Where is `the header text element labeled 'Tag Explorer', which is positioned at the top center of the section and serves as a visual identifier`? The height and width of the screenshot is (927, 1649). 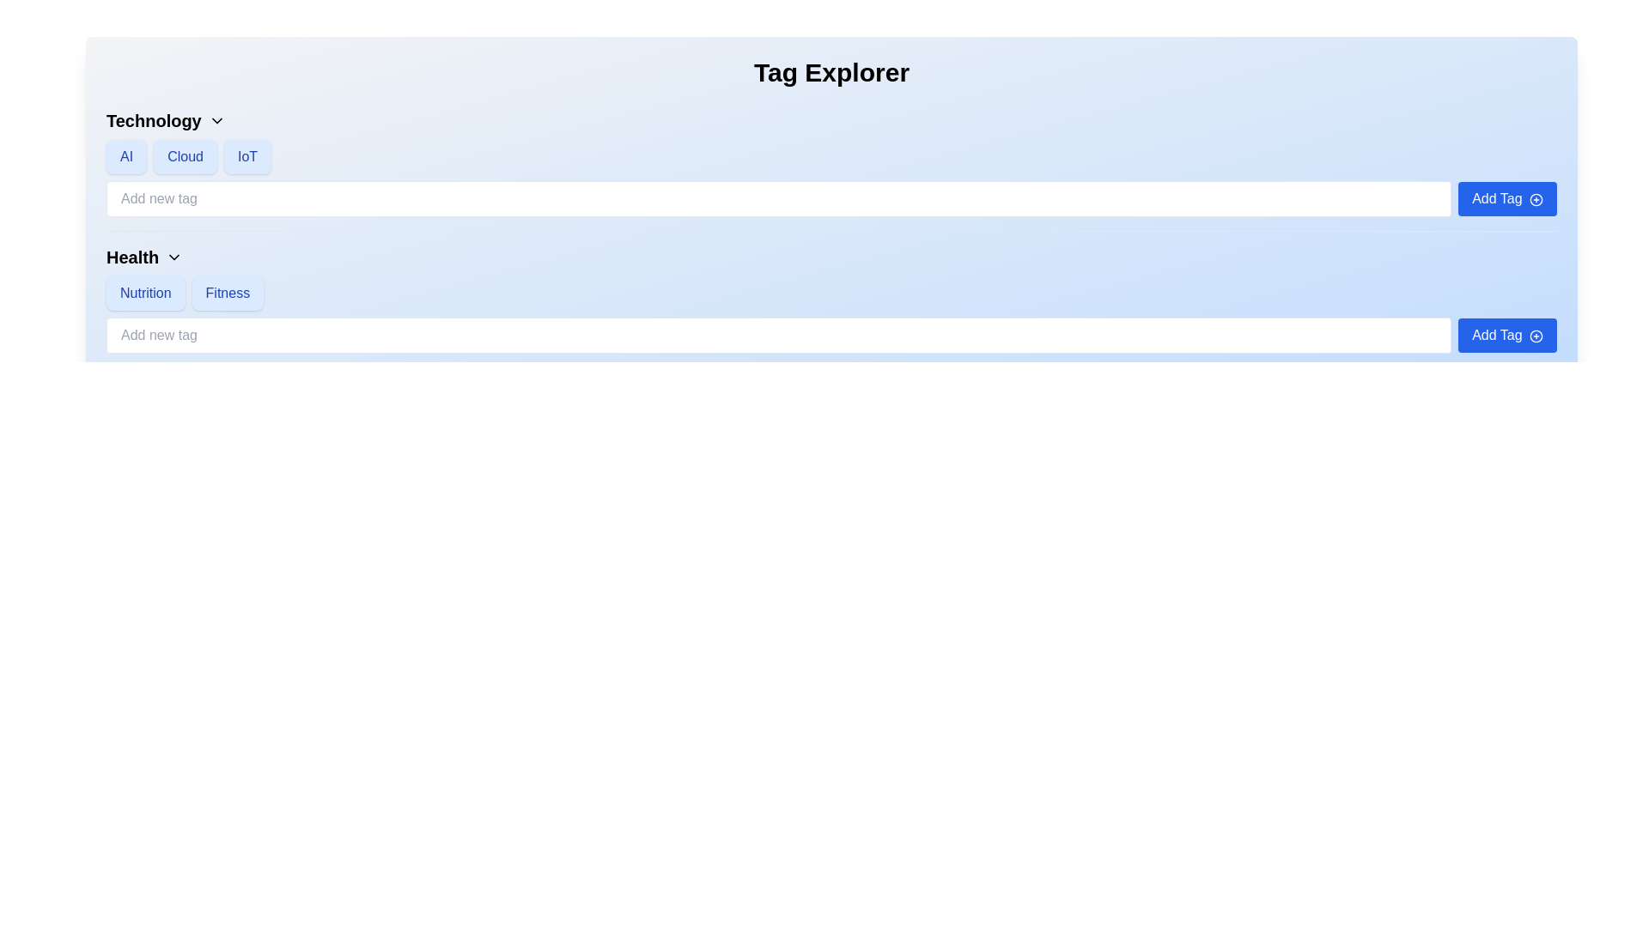 the header text element labeled 'Tag Explorer', which is positioned at the top center of the section and serves as a visual identifier is located at coordinates (831, 71).